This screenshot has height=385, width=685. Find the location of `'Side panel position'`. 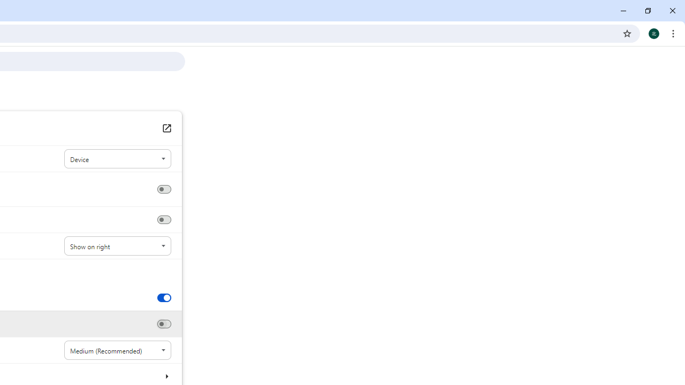

'Side panel position' is located at coordinates (117, 246).